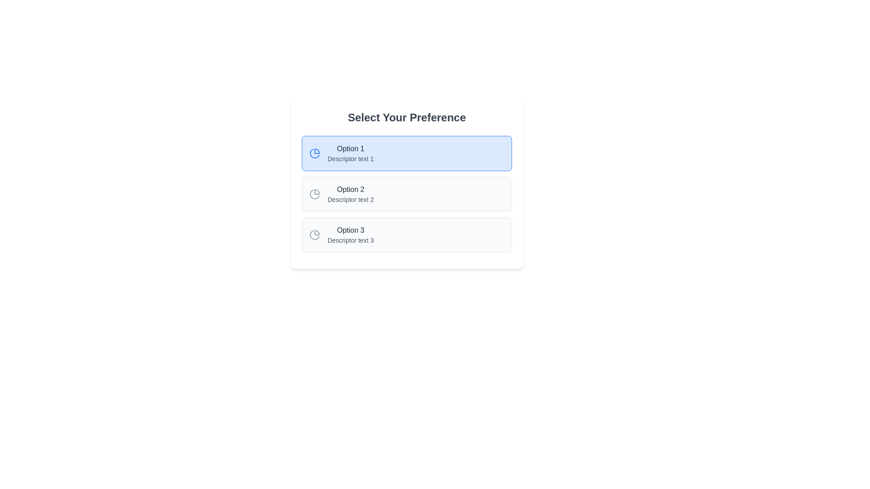 This screenshot has width=870, height=489. Describe the element at coordinates (406, 117) in the screenshot. I see `the heading element that serves as the title for the section, which is displayed centrally aligned in a white card with soft shadows` at that location.